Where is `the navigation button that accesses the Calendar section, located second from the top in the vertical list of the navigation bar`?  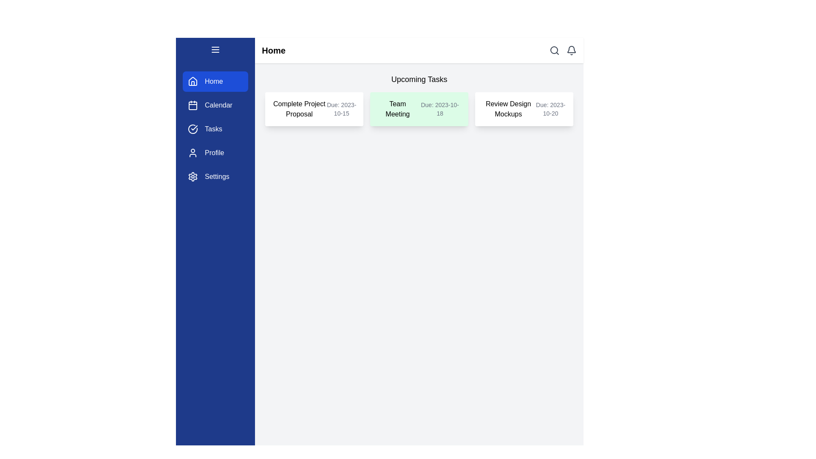
the navigation button that accesses the Calendar section, located second from the top in the vertical list of the navigation bar is located at coordinates (215, 105).